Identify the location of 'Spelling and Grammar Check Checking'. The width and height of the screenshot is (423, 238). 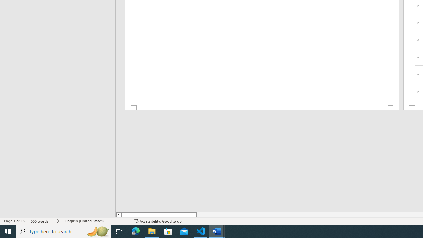
(57, 221).